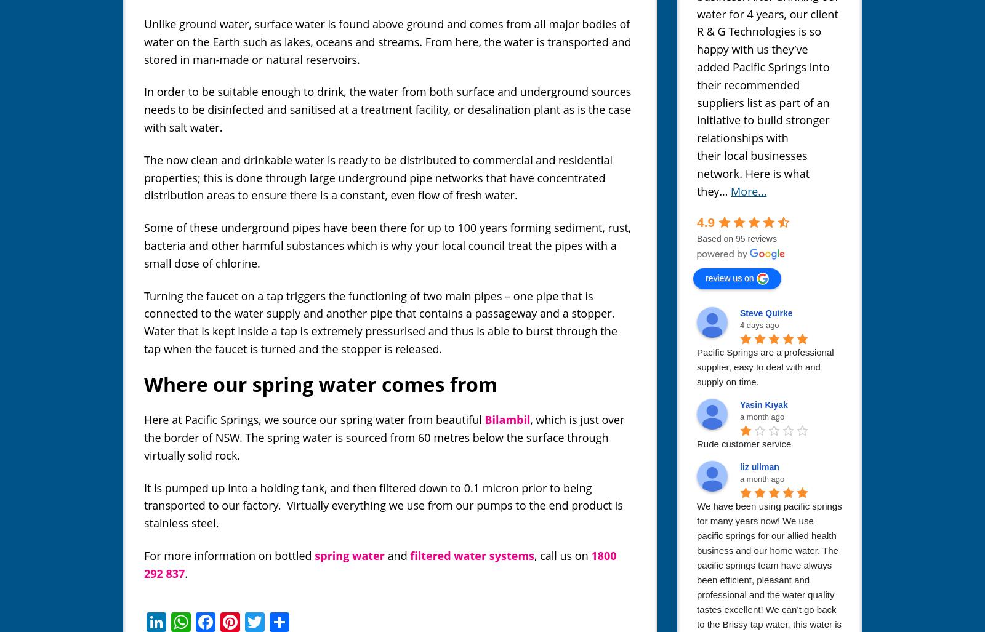  What do you see at coordinates (143, 321) in the screenshot?
I see `'Turning the faucet on a tap triggers the functioning of two main pipes – one pipe that is connected to the water supply and another pipe that contains a passageway and a stopper. Water that is kept inside a tap is extremely pressurised and thus is able to burst through the tap when the faucet is turned and the stopper is released.'` at bounding box center [143, 321].